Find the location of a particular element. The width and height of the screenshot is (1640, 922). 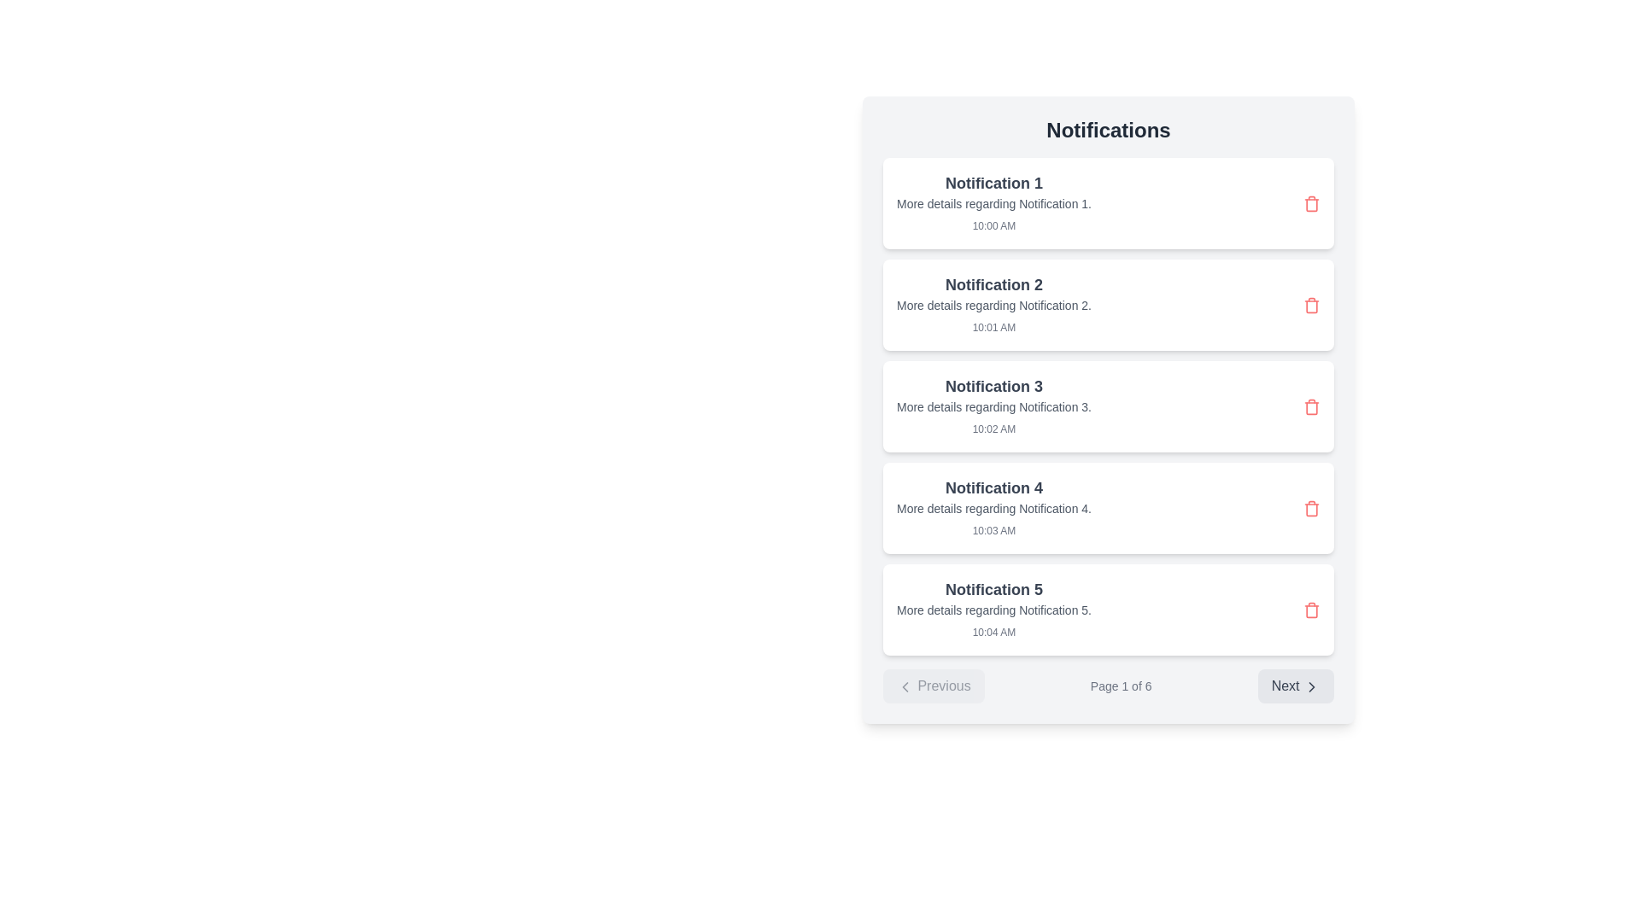

the 'Next' button with a light gray background and dark gray text located at the bottom-right corner of the interface is located at coordinates (1296, 685).